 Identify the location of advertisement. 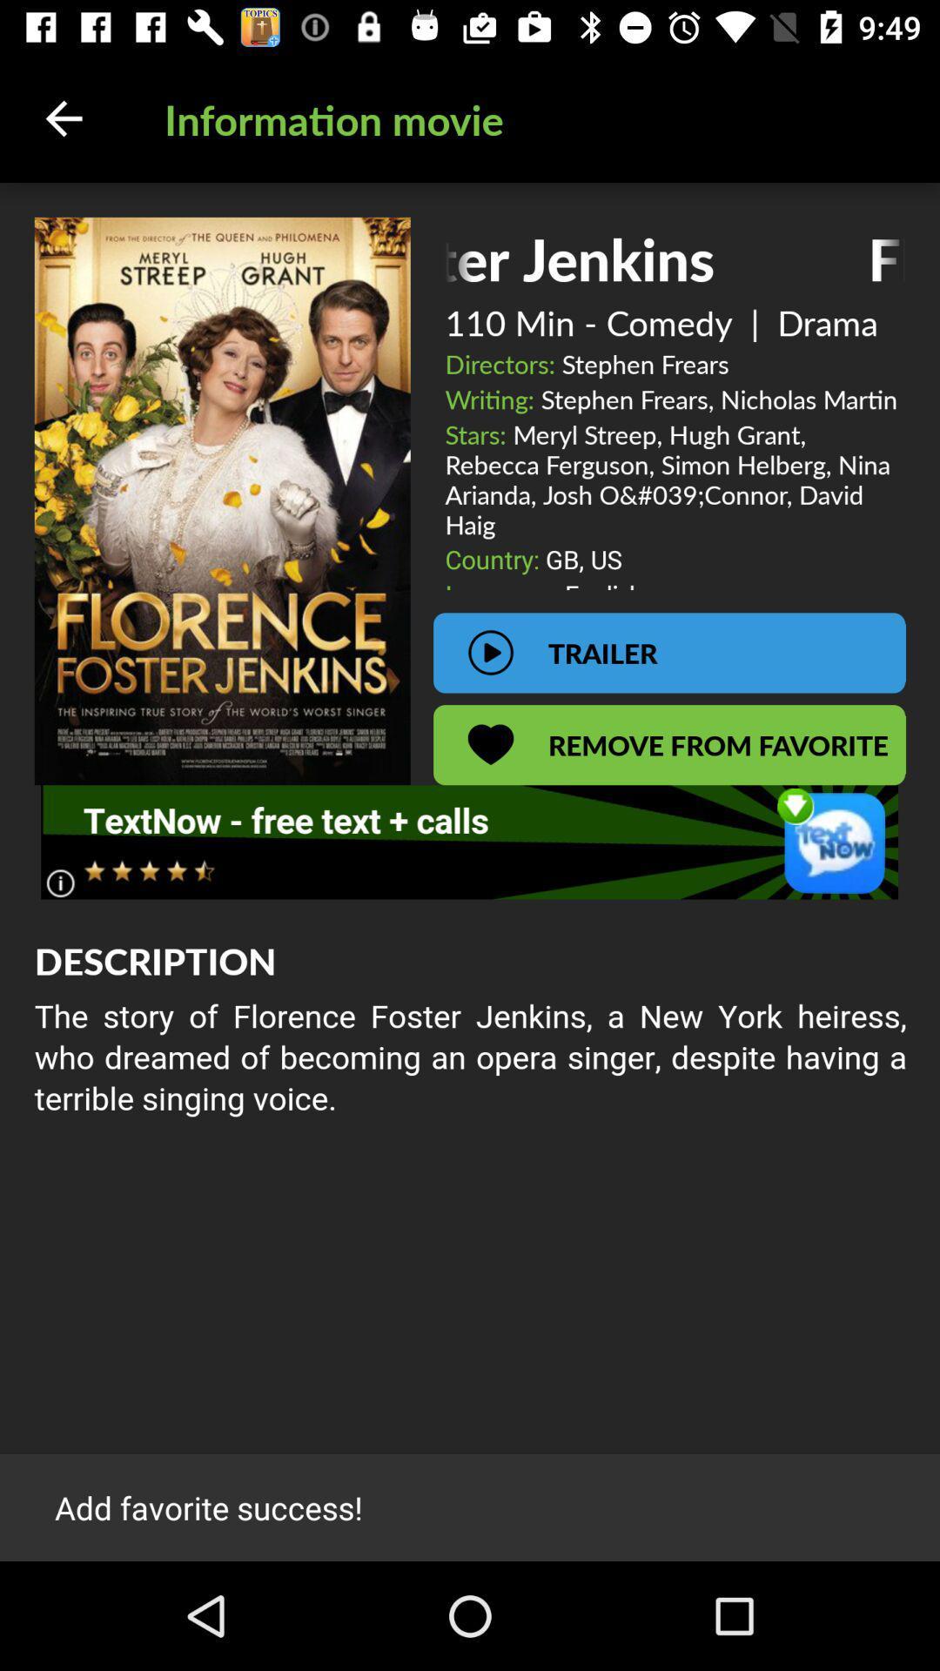
(468, 842).